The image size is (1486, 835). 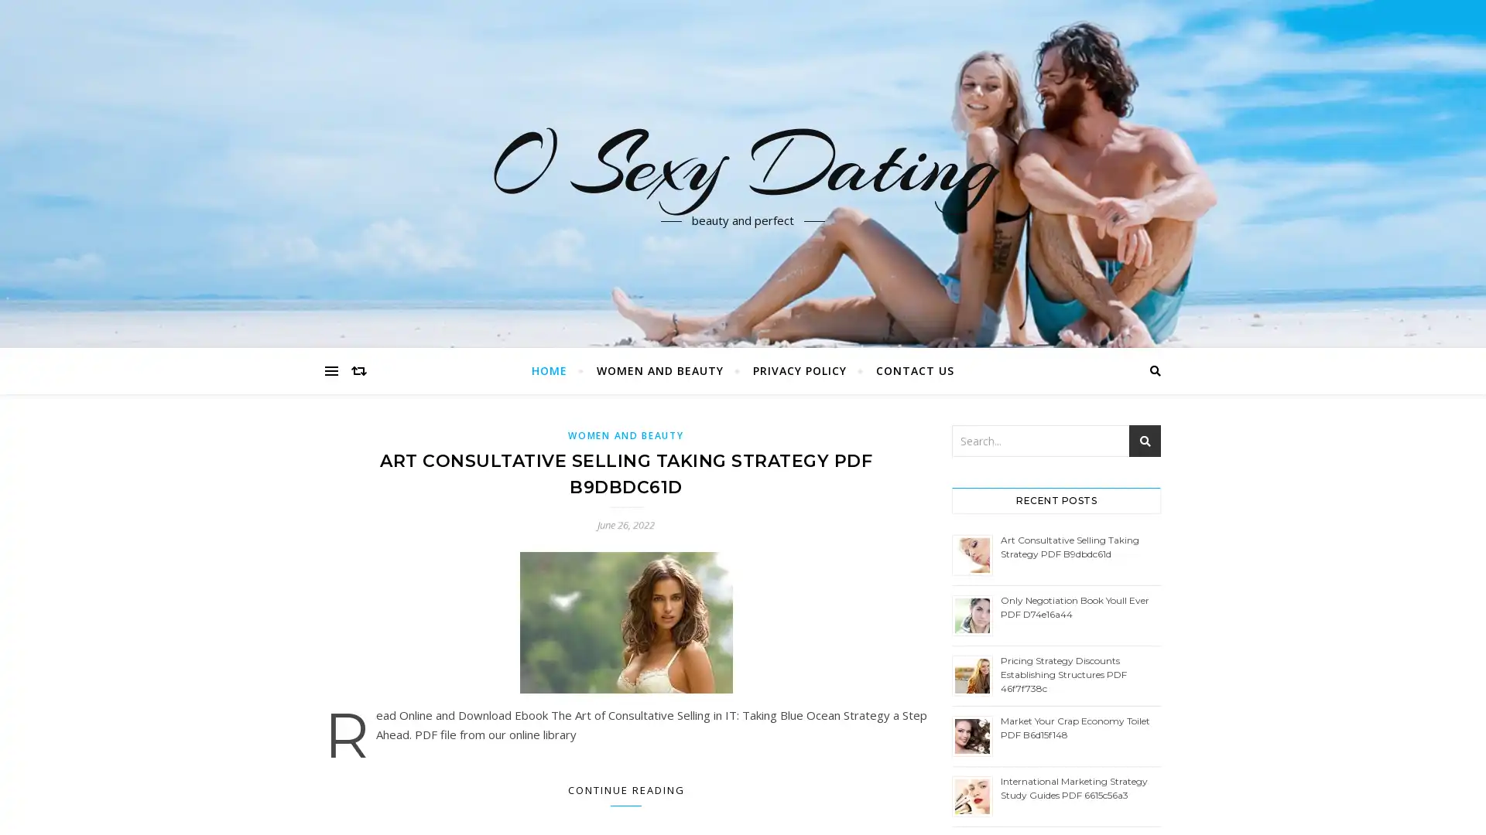 I want to click on st, so click(x=1145, y=441).